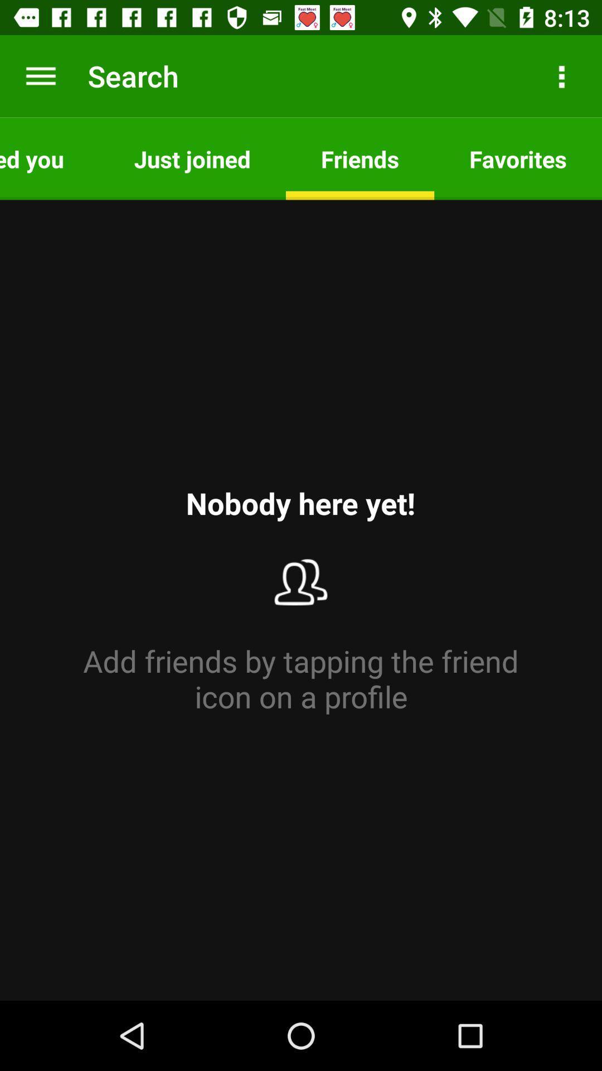  Describe the element at coordinates (192, 158) in the screenshot. I see `the just joined` at that location.